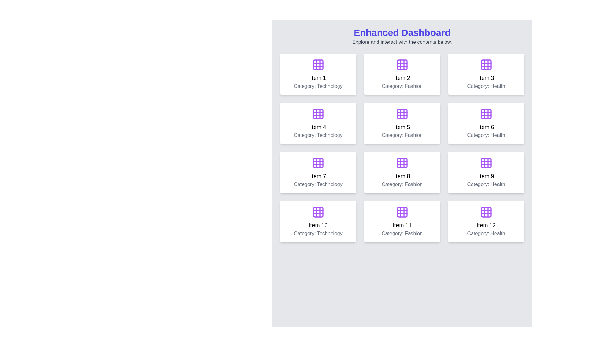 Image resolution: width=604 pixels, height=340 pixels. I want to click on the central square of the 3x3 grid icon located above the text 'Item 3' and 'Category: Health' in the third card of the top row to interact with it, so click(486, 65).